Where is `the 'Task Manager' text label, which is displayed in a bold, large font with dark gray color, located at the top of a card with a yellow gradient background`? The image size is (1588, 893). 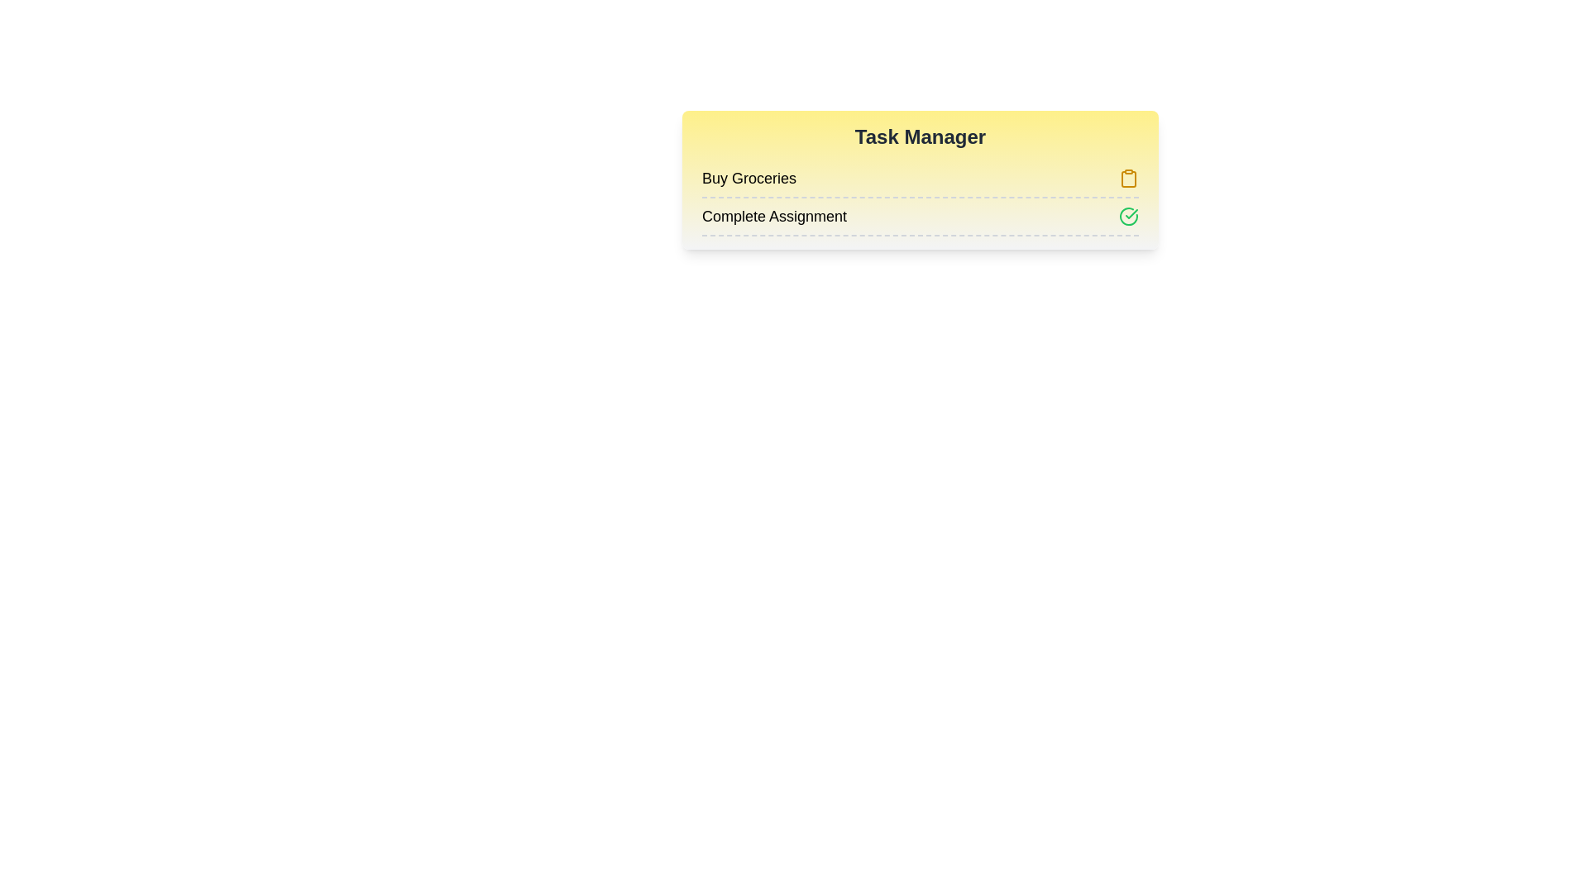
the 'Task Manager' text label, which is displayed in a bold, large font with dark gray color, located at the top of a card with a yellow gradient background is located at coordinates (920, 136).